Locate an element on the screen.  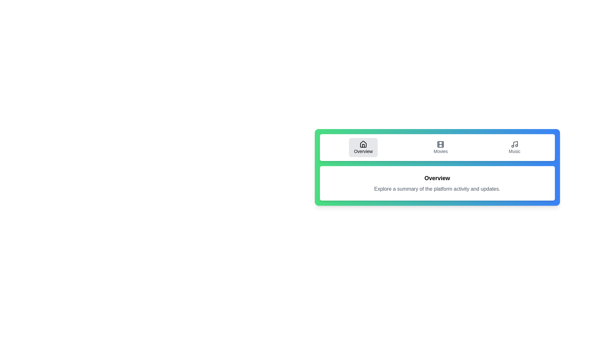
the Overview tab by clicking on it is located at coordinates (363, 148).